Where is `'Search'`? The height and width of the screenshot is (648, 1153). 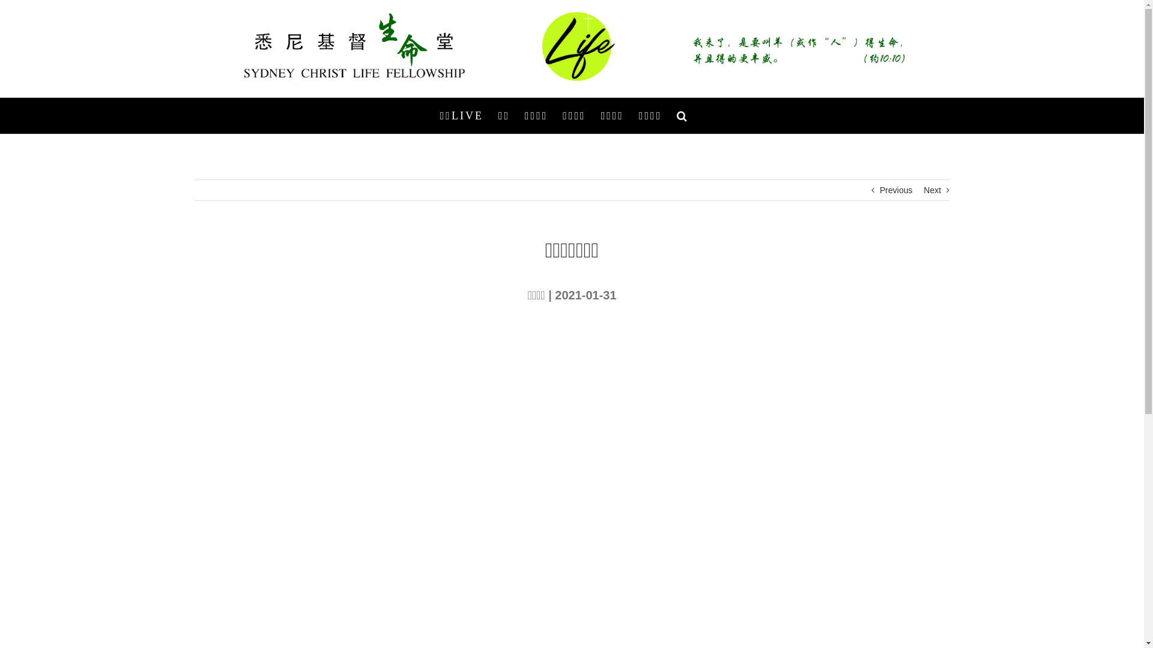 'Search' is located at coordinates (683, 115).